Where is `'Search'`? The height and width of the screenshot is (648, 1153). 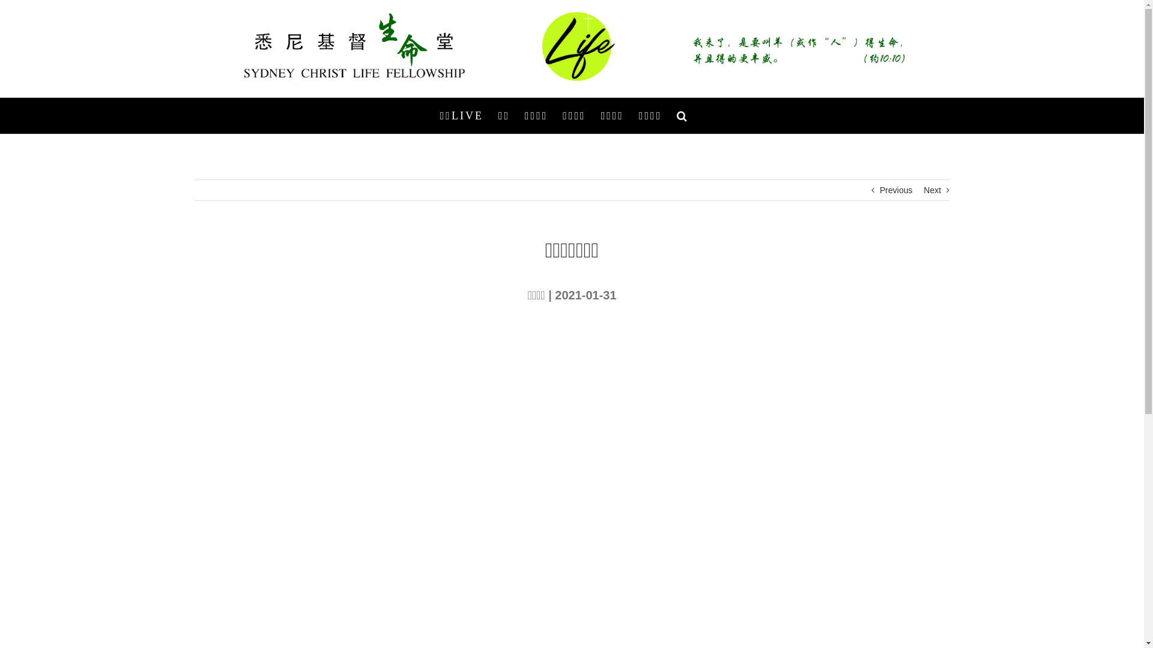 'Search' is located at coordinates (683, 115).